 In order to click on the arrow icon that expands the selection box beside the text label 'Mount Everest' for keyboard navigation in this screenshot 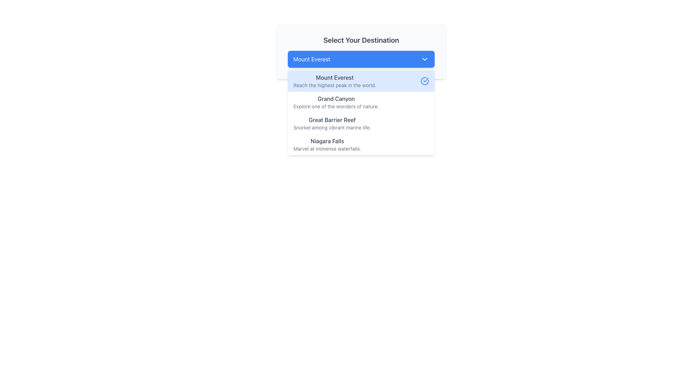, I will do `click(424, 59)`.